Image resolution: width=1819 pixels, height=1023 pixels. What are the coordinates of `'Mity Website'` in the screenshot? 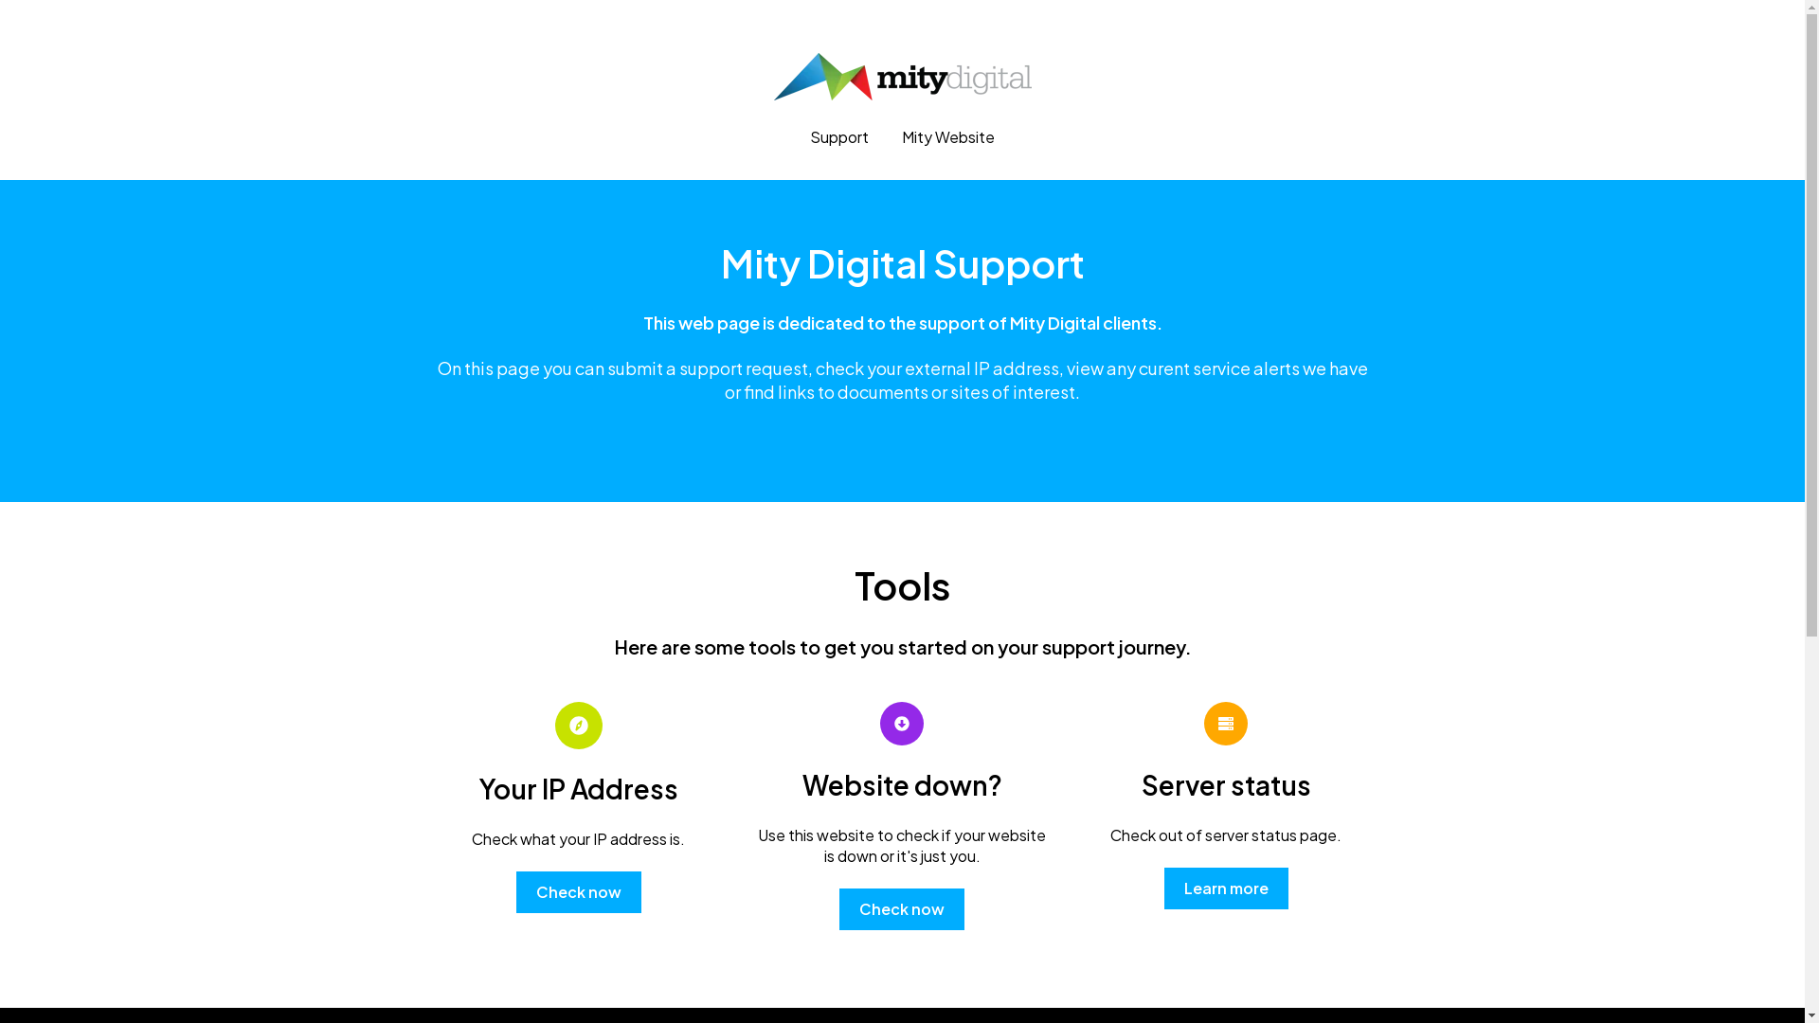 It's located at (900, 136).